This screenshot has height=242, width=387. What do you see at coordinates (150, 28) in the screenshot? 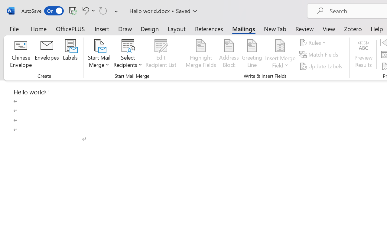
I see `'Design'` at bounding box center [150, 28].